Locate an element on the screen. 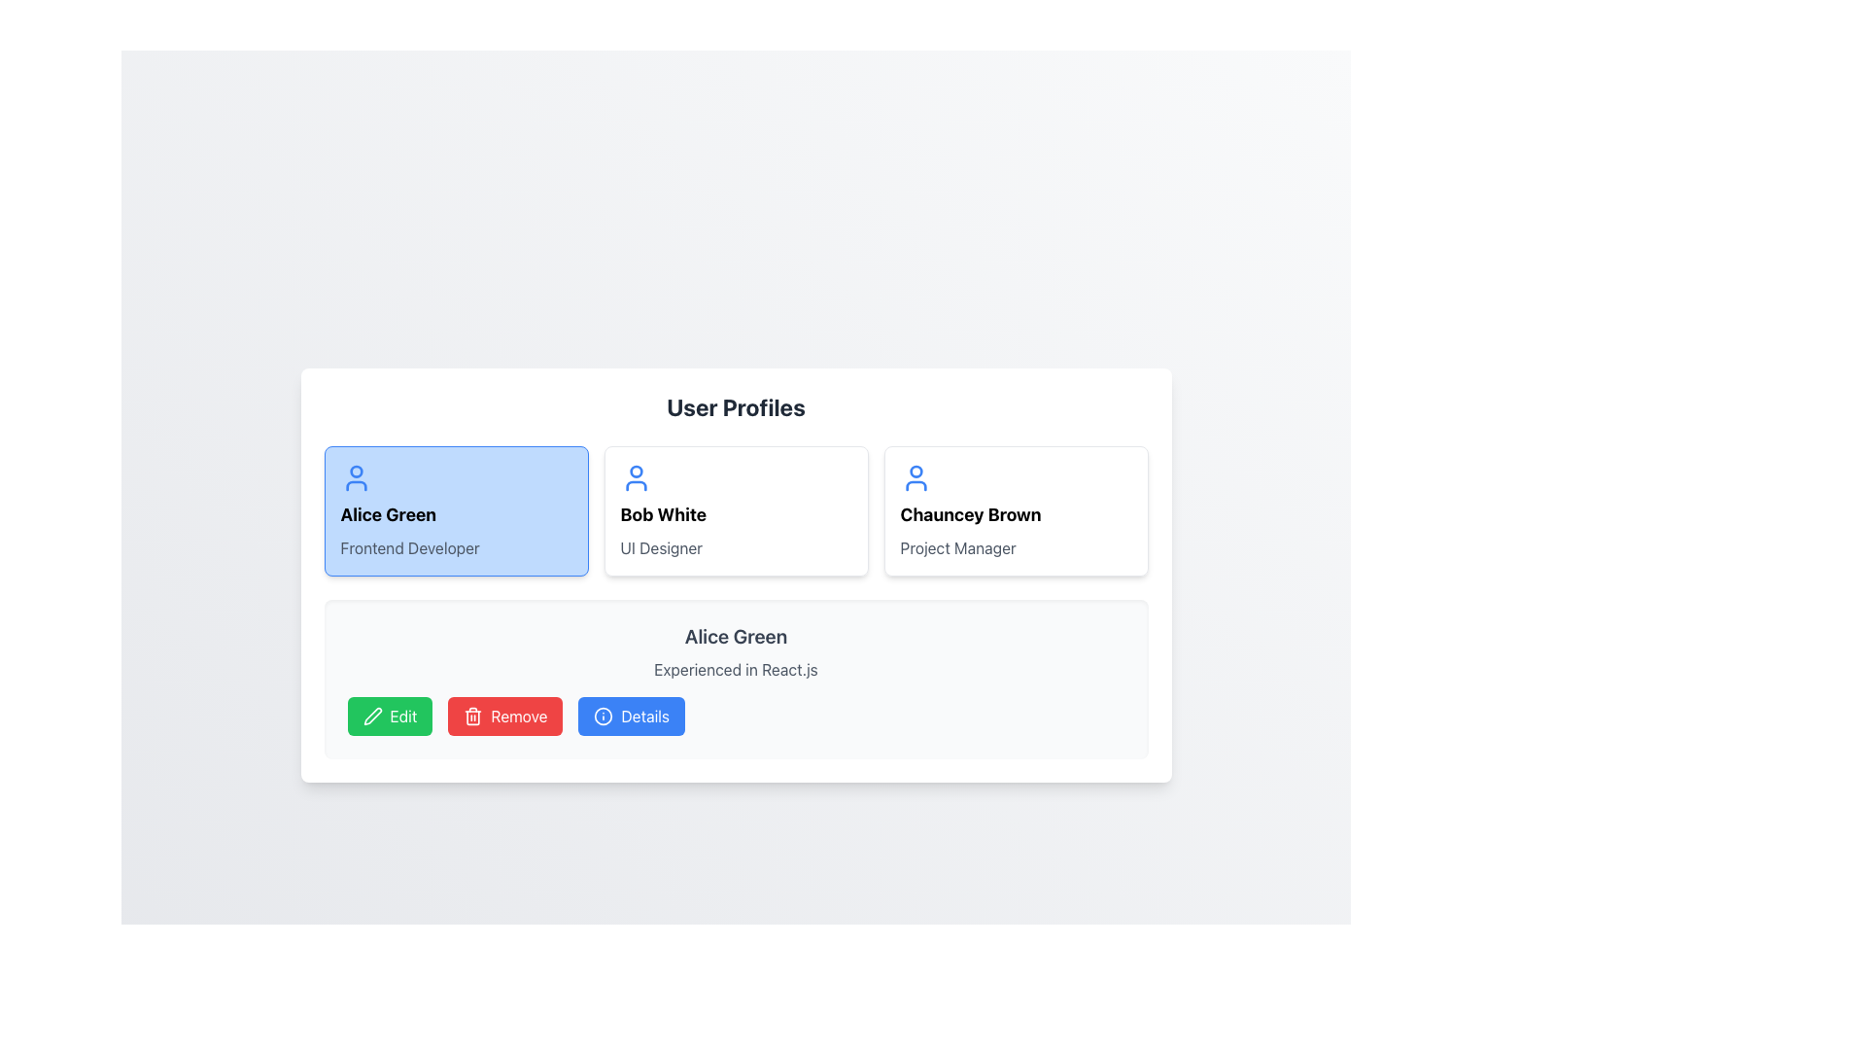 Image resolution: width=1866 pixels, height=1050 pixels. the text label displaying 'Bob White', which is styled in a large font and located in the user profile card is located at coordinates (663, 513).